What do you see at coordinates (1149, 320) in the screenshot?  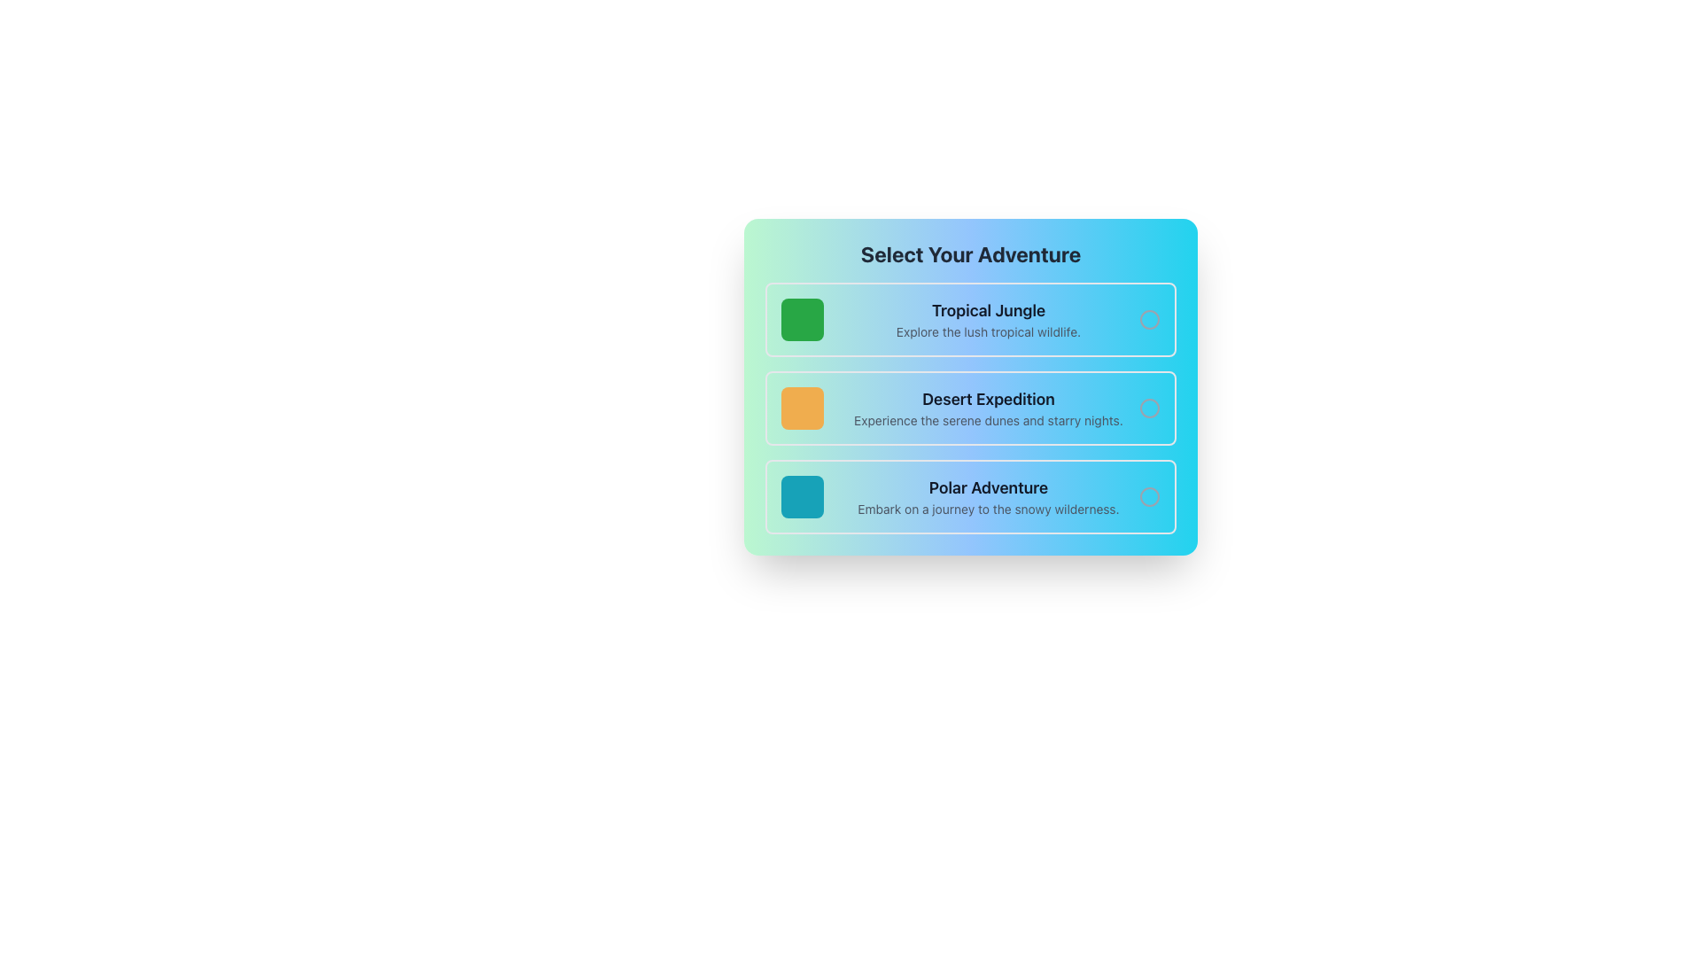 I see `the central circle of the radio button for the first option 'Tropical Jungle'` at bounding box center [1149, 320].